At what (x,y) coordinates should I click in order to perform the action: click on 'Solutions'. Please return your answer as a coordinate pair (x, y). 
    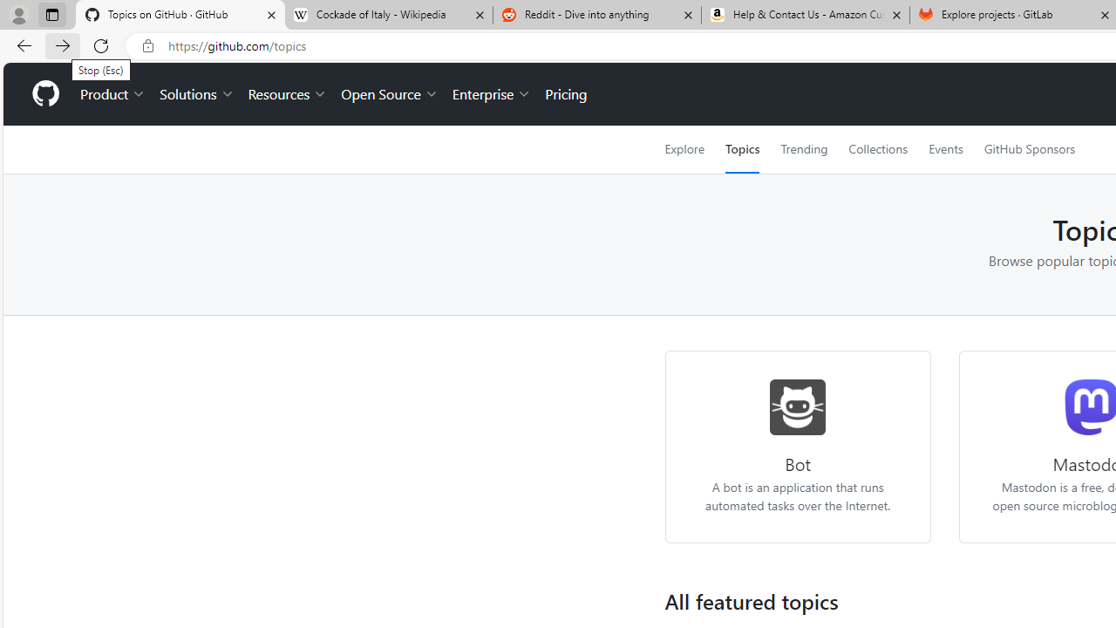
    Looking at the image, I should click on (196, 94).